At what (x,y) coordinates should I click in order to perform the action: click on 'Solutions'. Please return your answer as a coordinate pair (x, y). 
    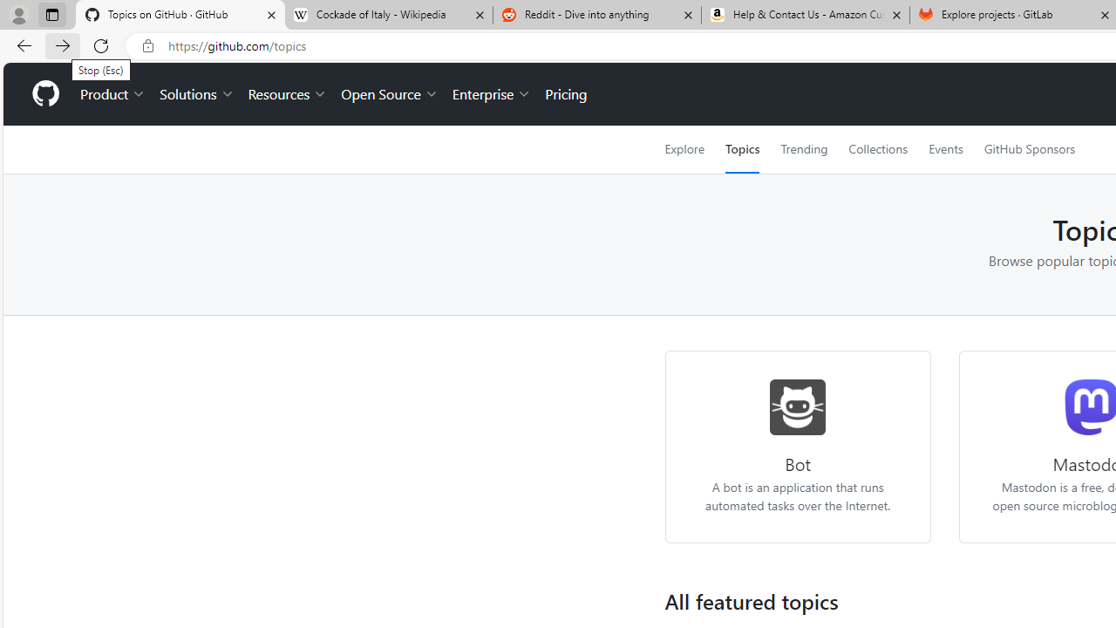
    Looking at the image, I should click on (196, 94).